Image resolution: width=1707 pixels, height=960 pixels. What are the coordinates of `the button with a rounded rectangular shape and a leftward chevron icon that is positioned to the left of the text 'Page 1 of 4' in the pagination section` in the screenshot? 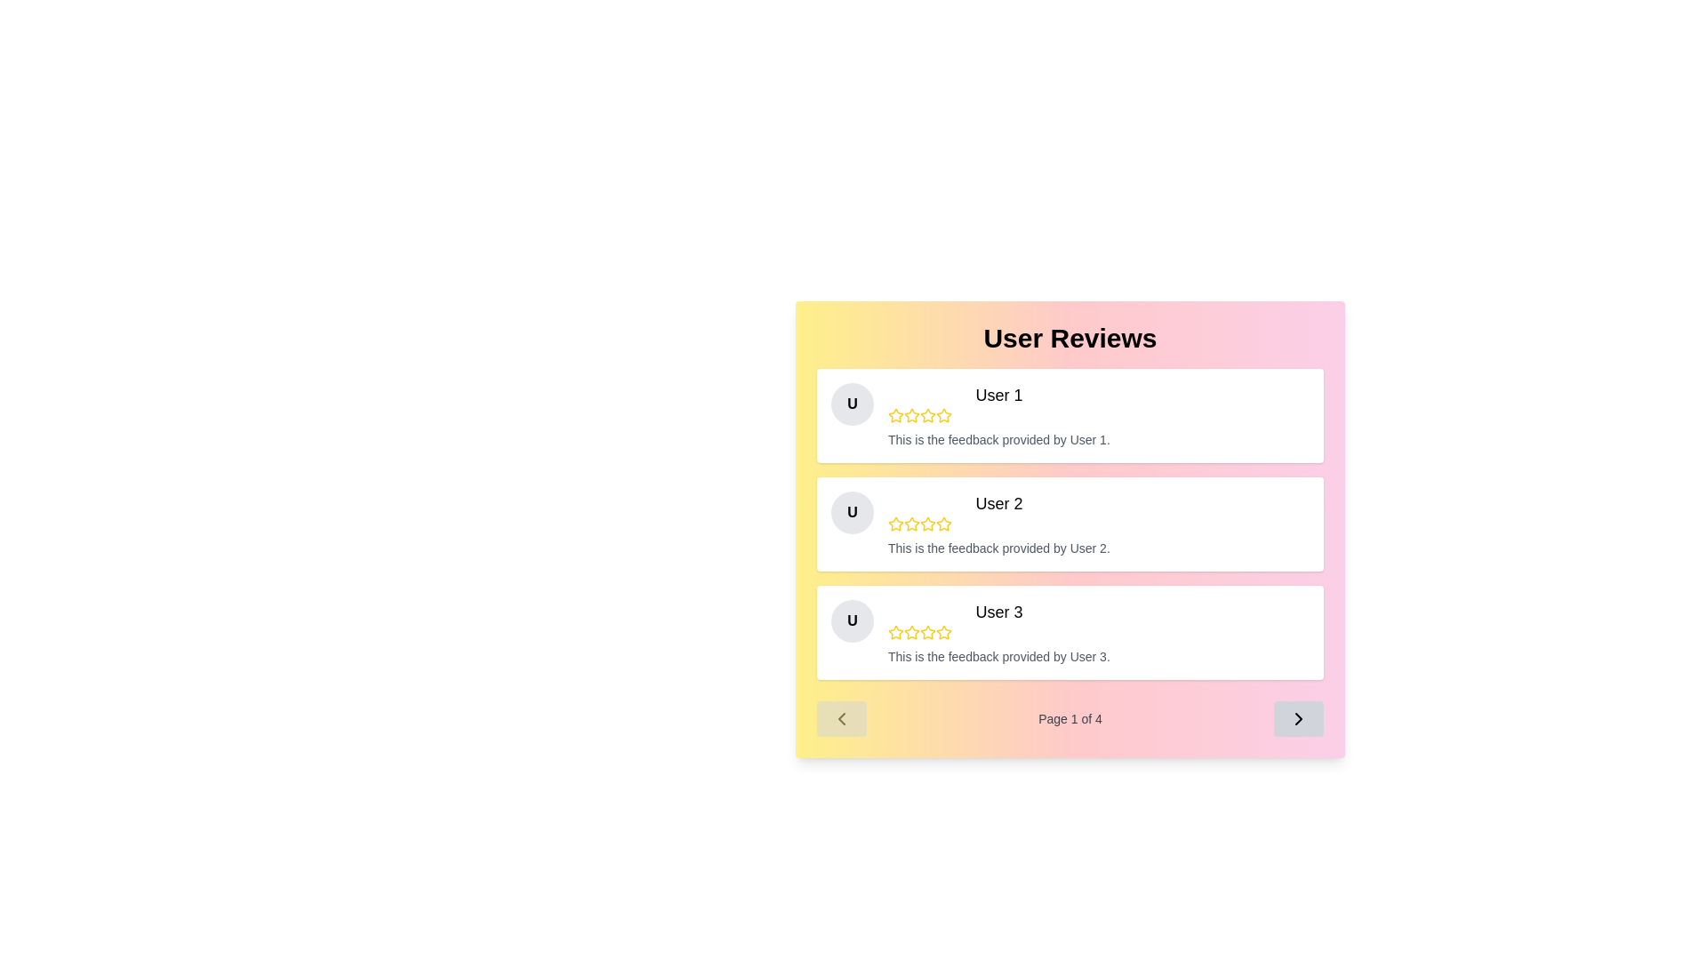 It's located at (840, 718).